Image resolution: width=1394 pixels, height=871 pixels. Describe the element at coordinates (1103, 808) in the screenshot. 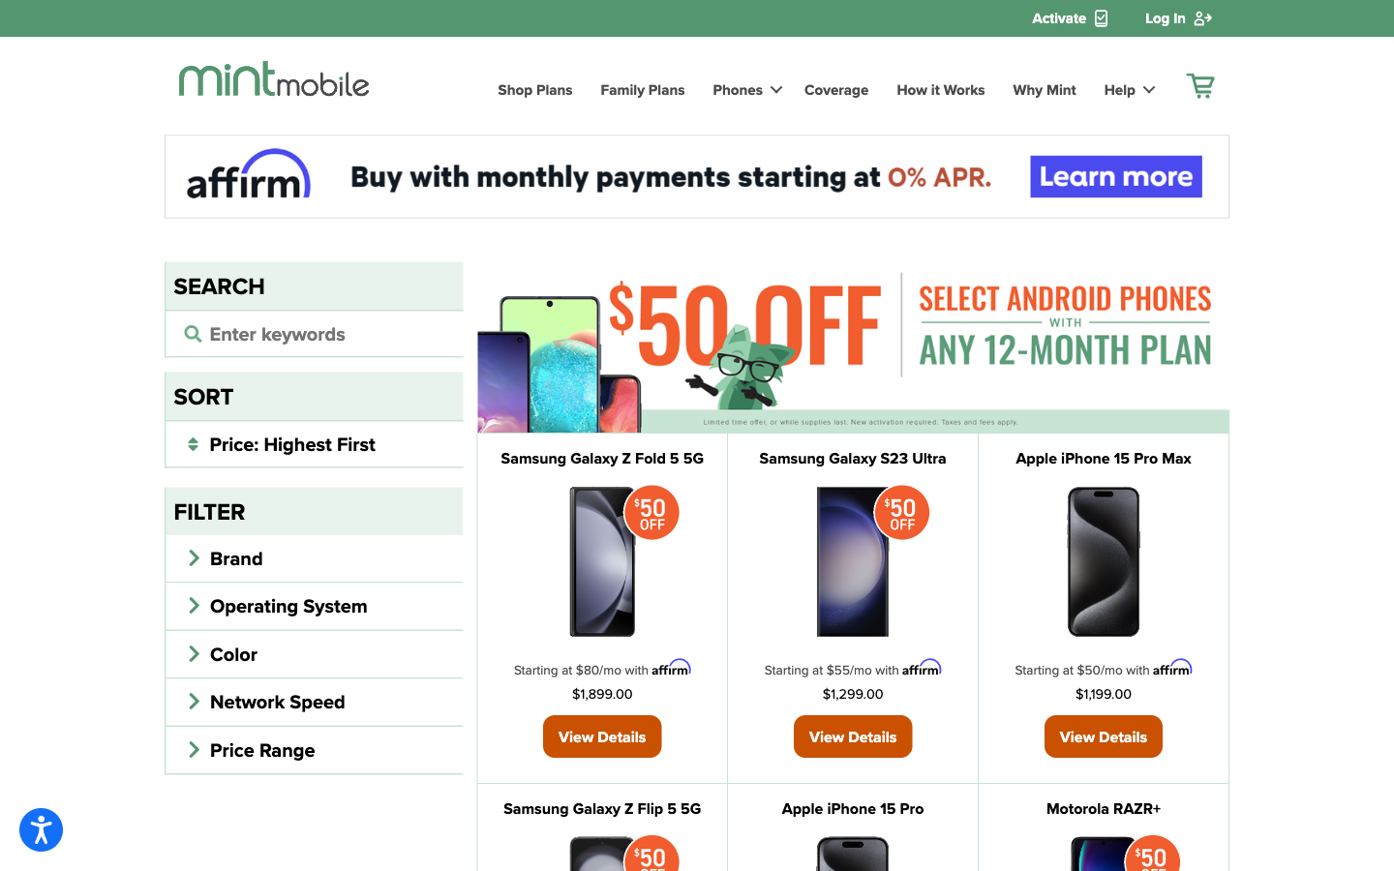

I see `Inspect Motorola RAZR+ details` at that location.